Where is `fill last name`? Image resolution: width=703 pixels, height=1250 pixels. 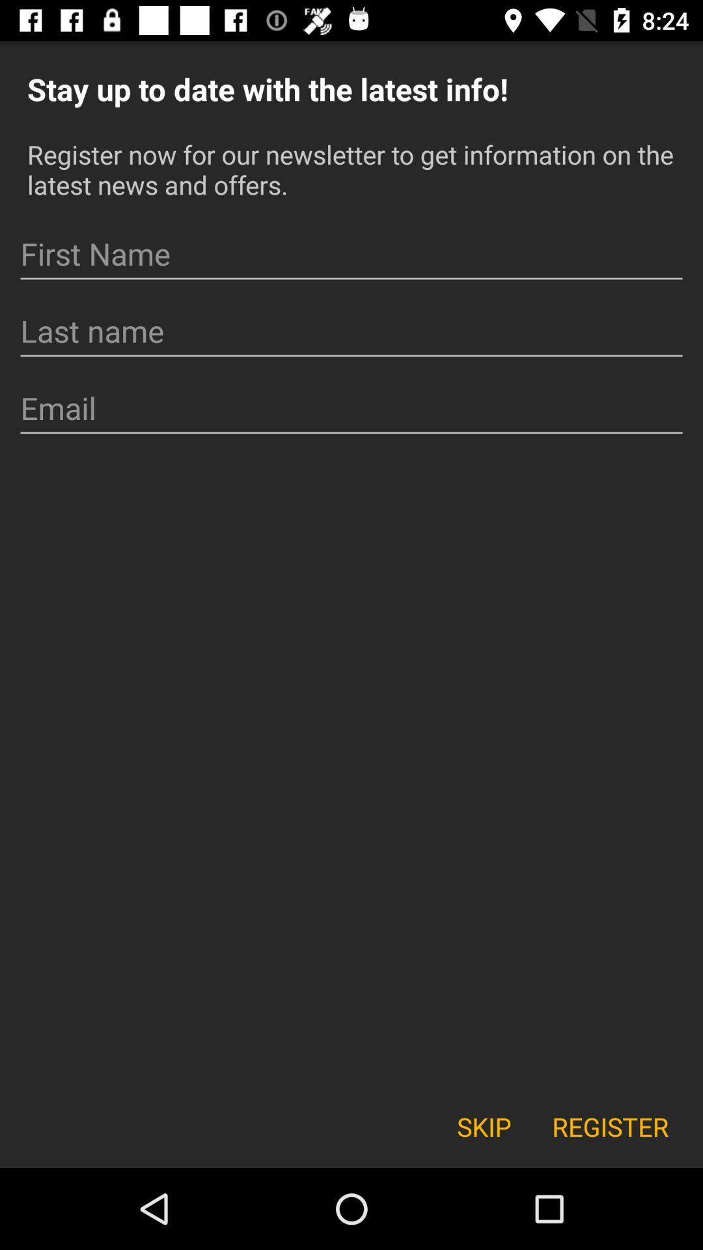
fill last name is located at coordinates (351, 331).